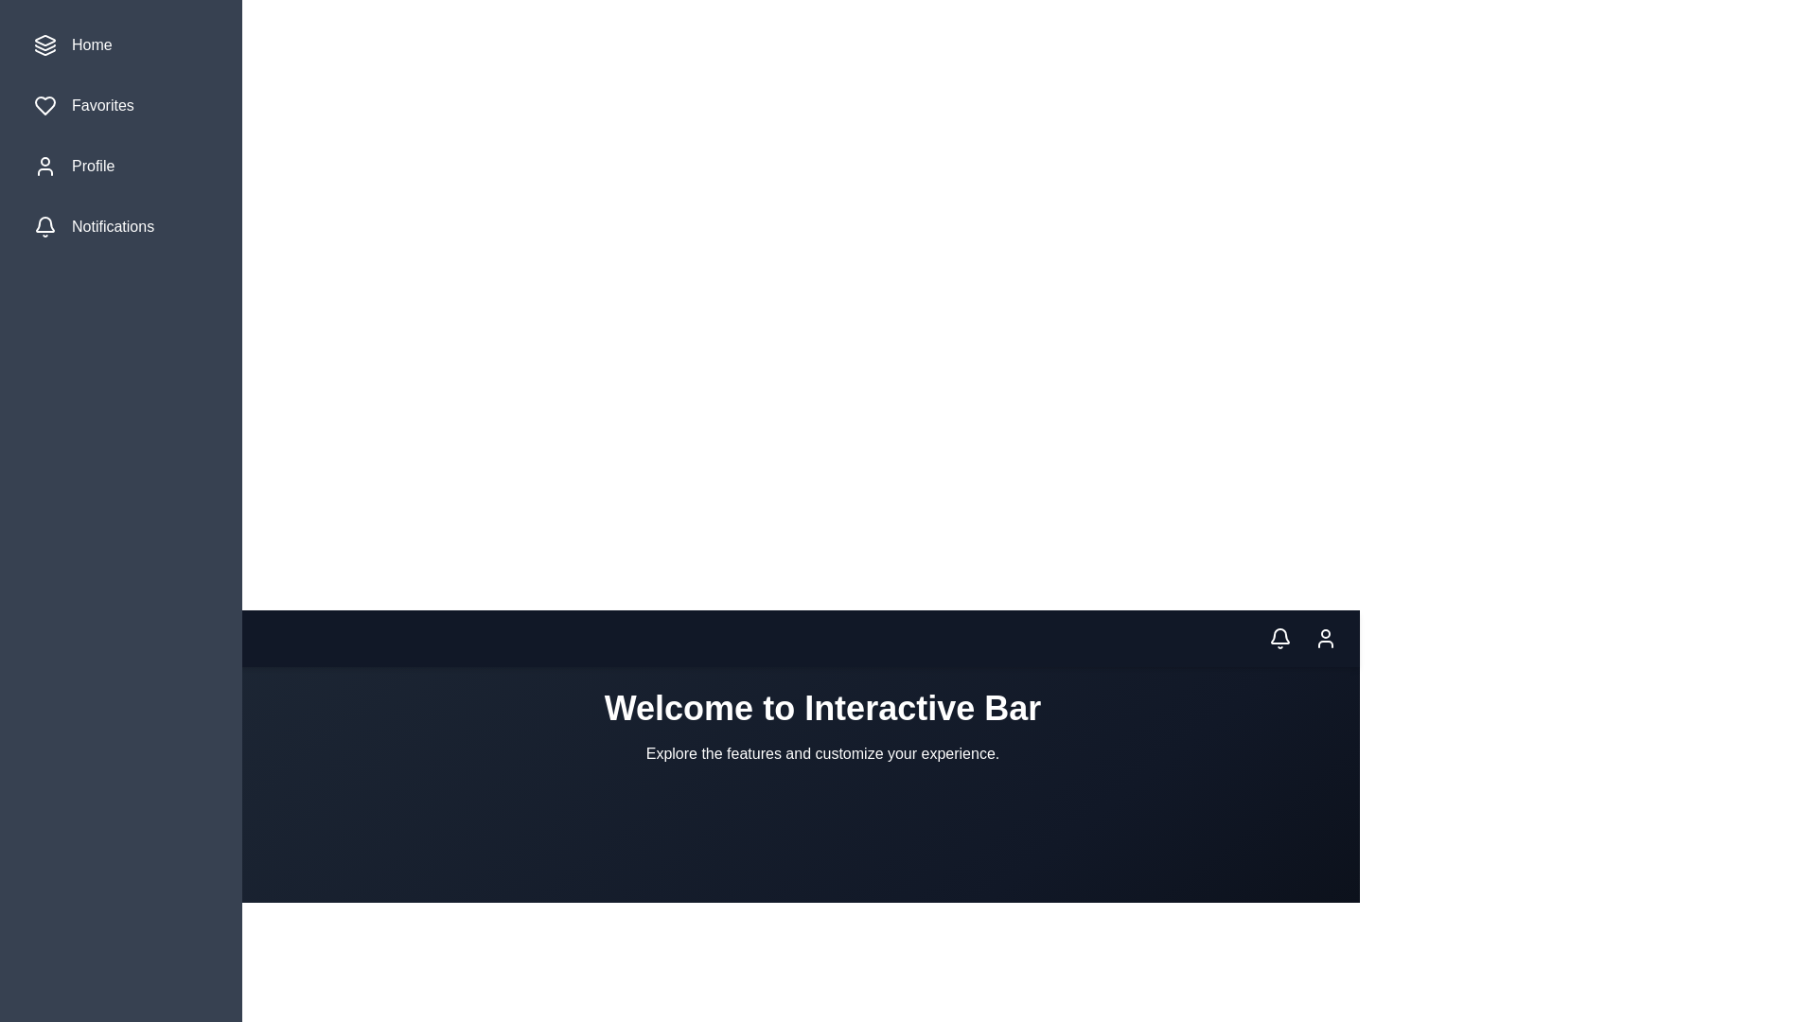 This screenshot has height=1022, width=1817. I want to click on the menu item labeled Favorites, so click(120, 105).